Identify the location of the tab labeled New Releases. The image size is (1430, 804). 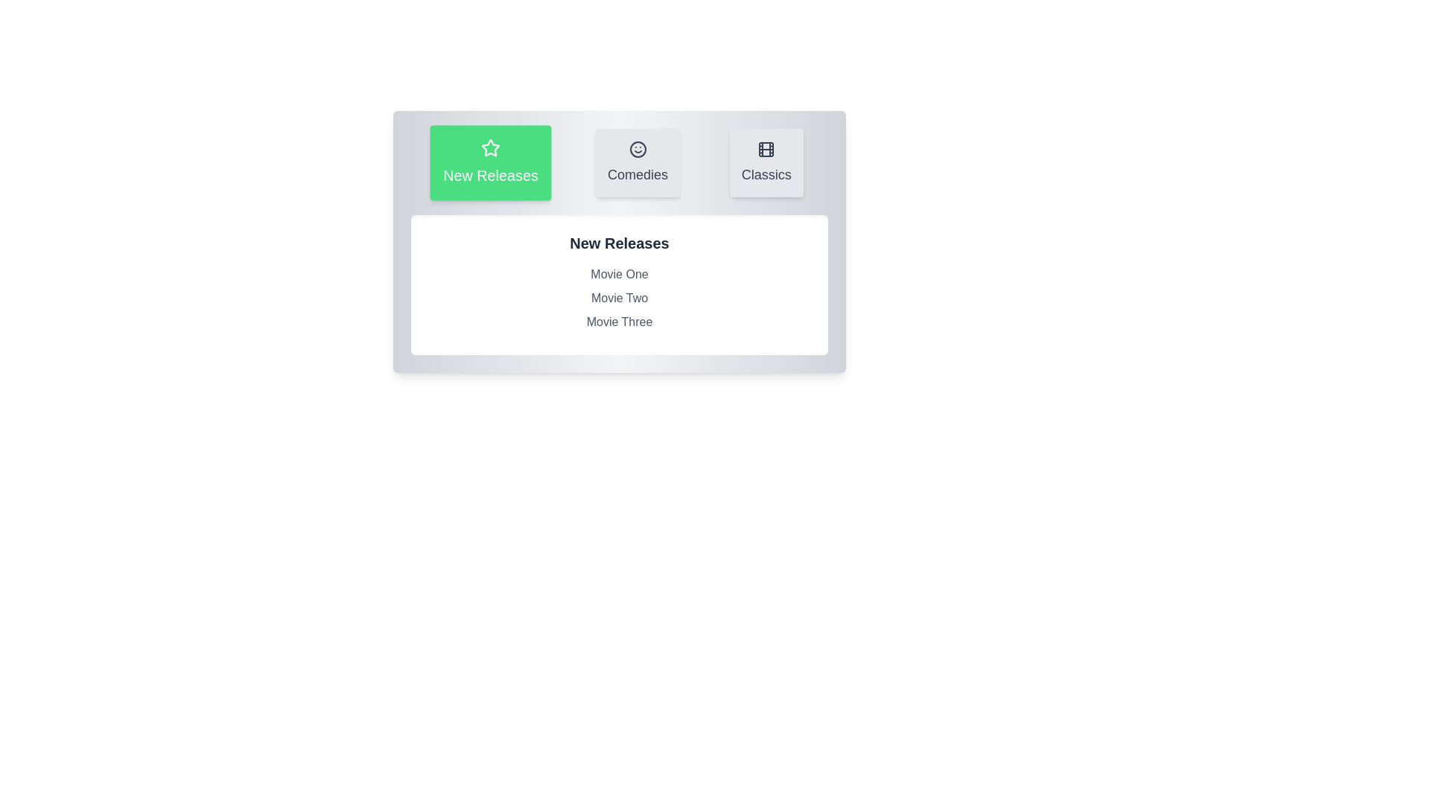
(491, 163).